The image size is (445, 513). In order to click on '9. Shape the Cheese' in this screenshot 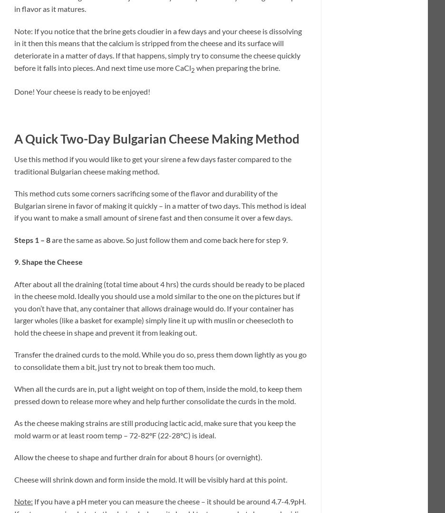, I will do `click(48, 261)`.